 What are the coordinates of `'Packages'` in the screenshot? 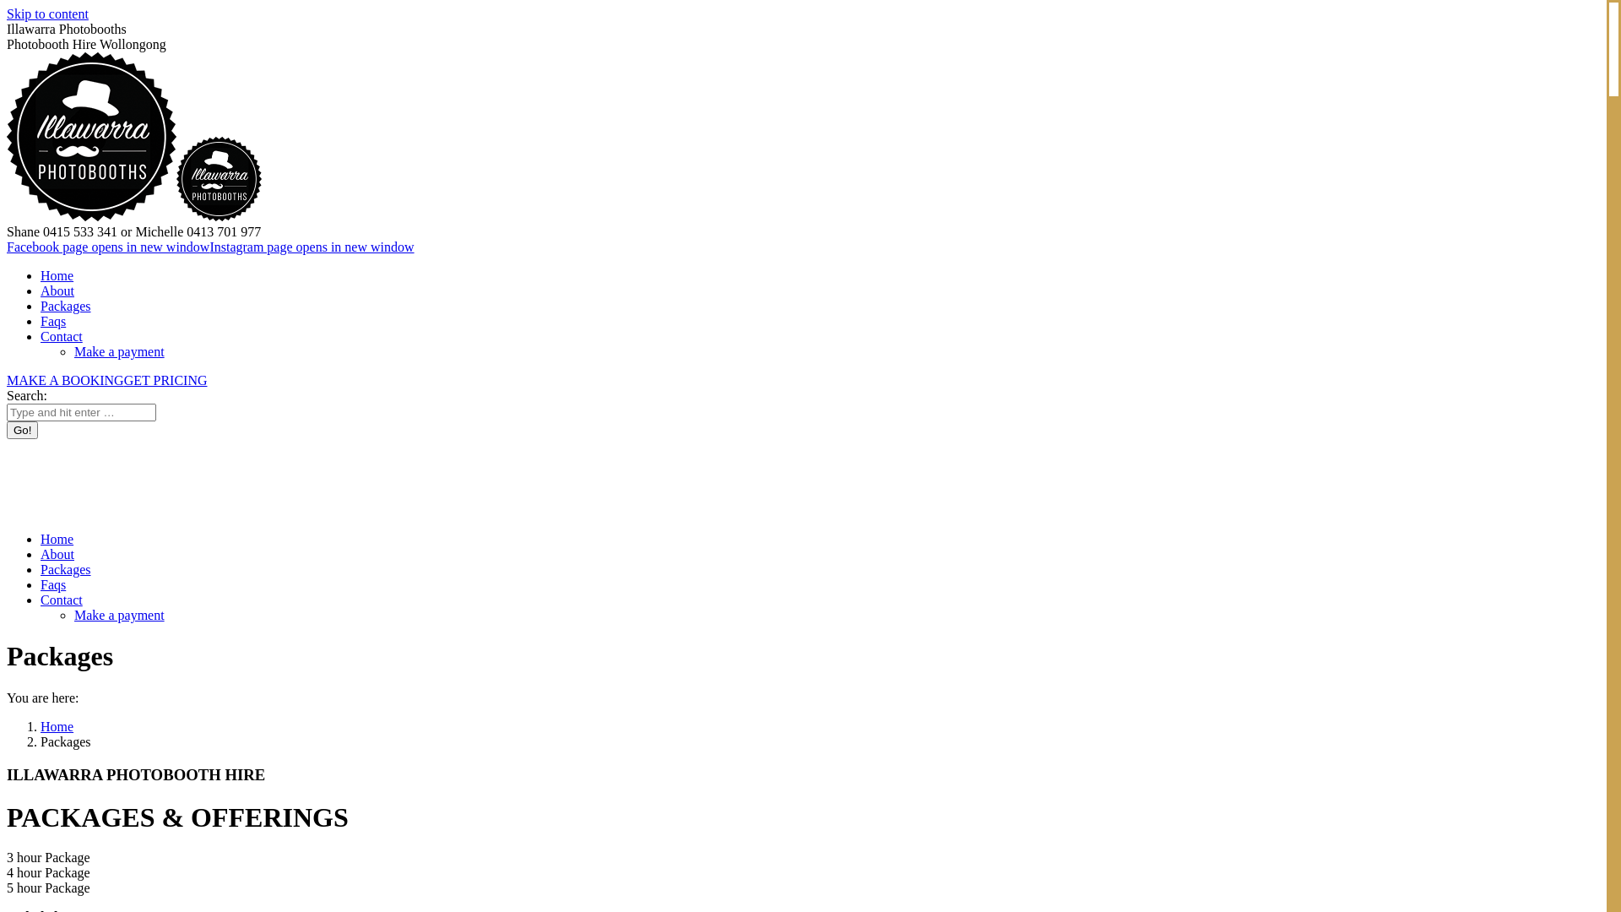 It's located at (65, 569).